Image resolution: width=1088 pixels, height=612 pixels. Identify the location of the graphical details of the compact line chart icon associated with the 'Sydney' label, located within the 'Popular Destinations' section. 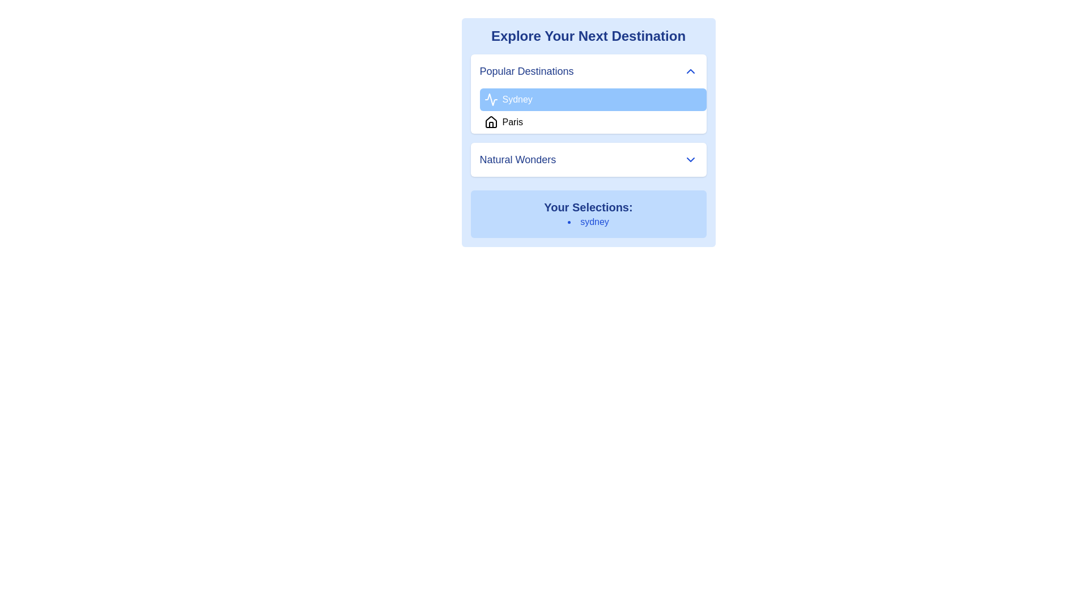
(491, 99).